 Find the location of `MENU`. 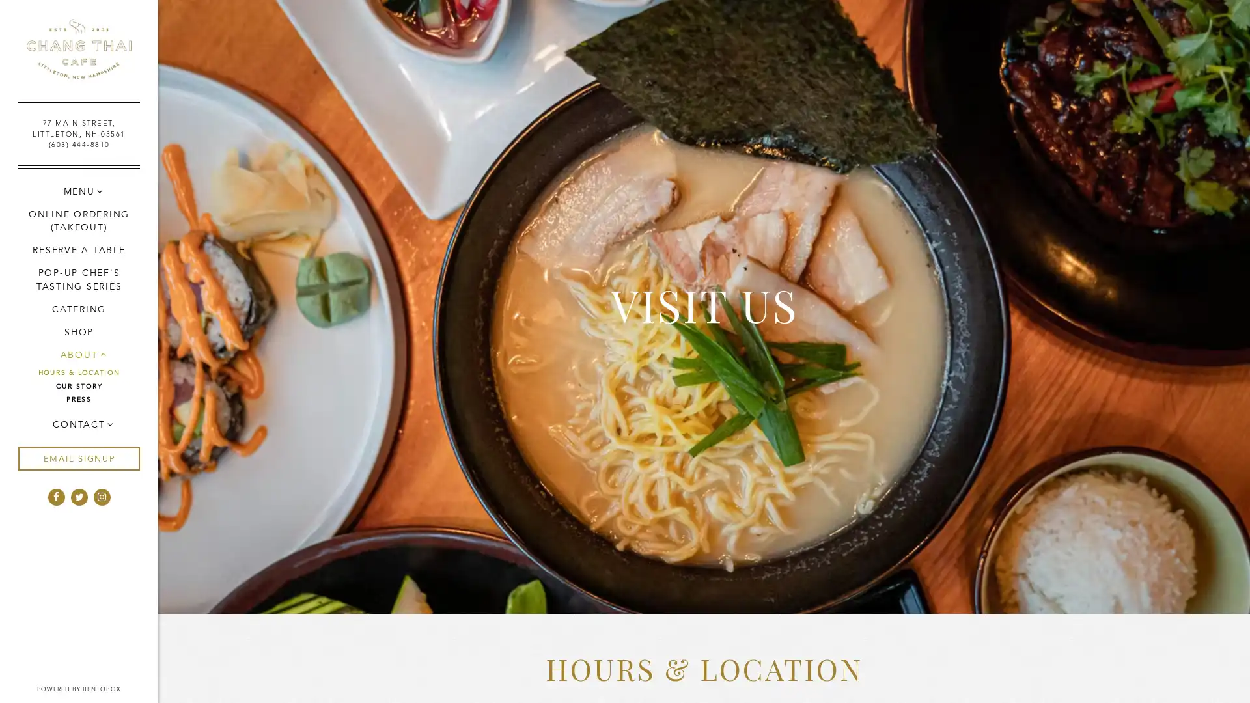

MENU is located at coordinates (77, 191).